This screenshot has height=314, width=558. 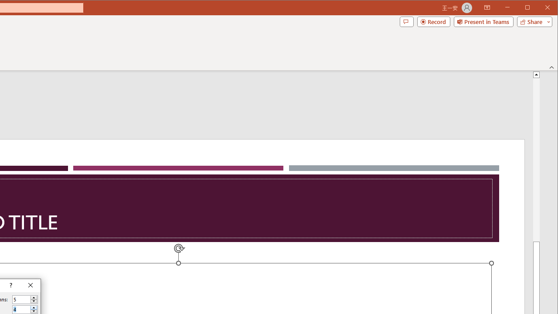 I want to click on 'Context help', so click(x=10, y=286).